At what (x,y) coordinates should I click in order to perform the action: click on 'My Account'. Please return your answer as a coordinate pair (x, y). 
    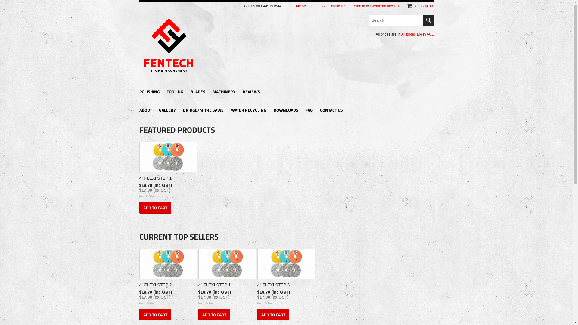
    Looking at the image, I should click on (296, 6).